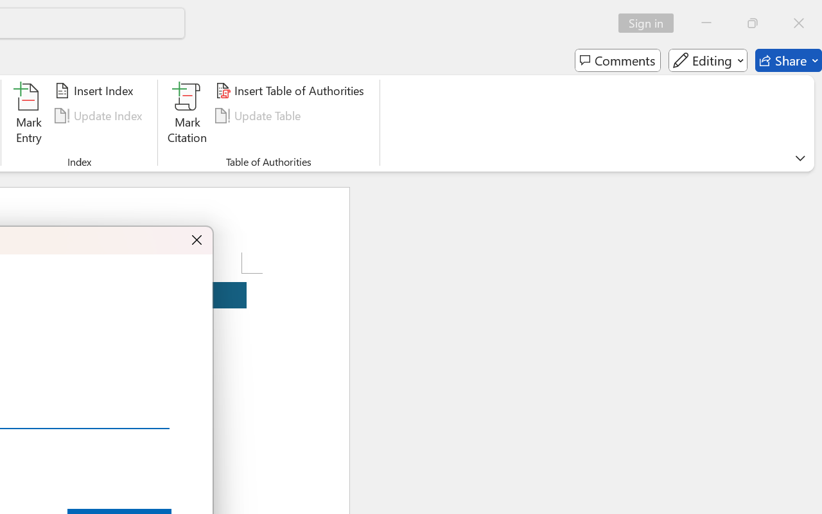 The height and width of the screenshot is (514, 822). What do you see at coordinates (100, 115) in the screenshot?
I see `'Update Index'` at bounding box center [100, 115].